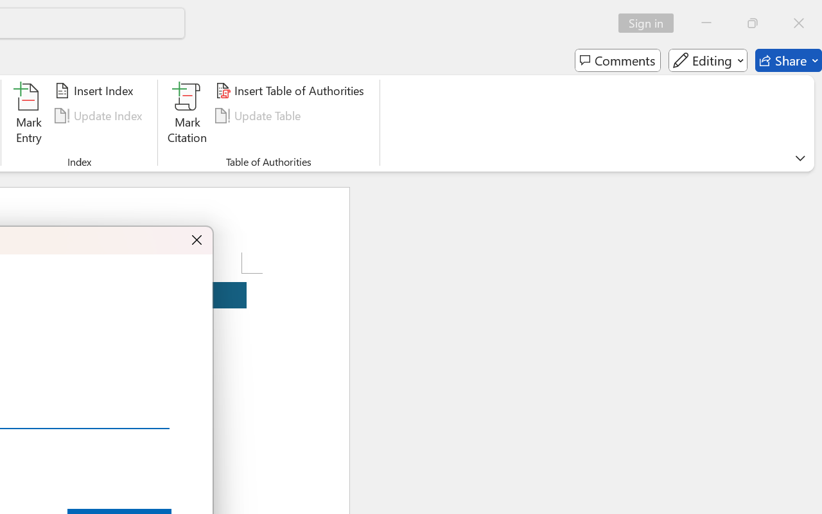 The height and width of the screenshot is (514, 822). What do you see at coordinates (100, 115) in the screenshot?
I see `'Update Index'` at bounding box center [100, 115].